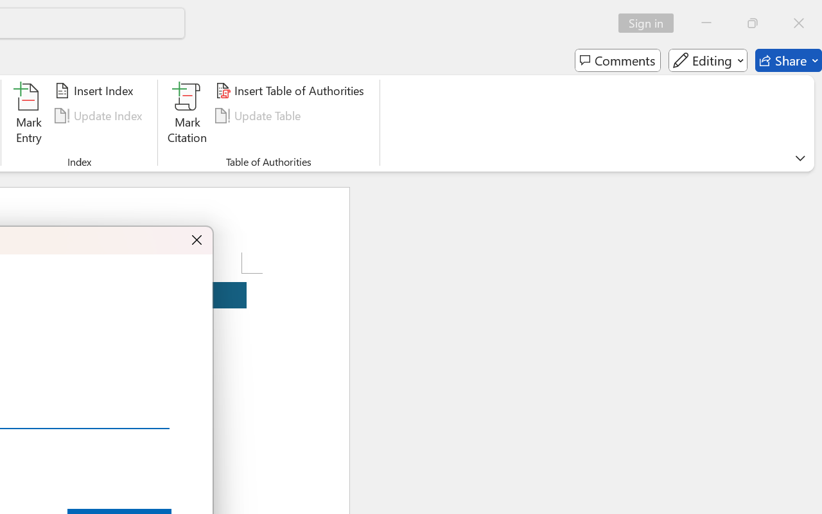 The height and width of the screenshot is (514, 822). What do you see at coordinates (100, 115) in the screenshot?
I see `'Update Index'` at bounding box center [100, 115].